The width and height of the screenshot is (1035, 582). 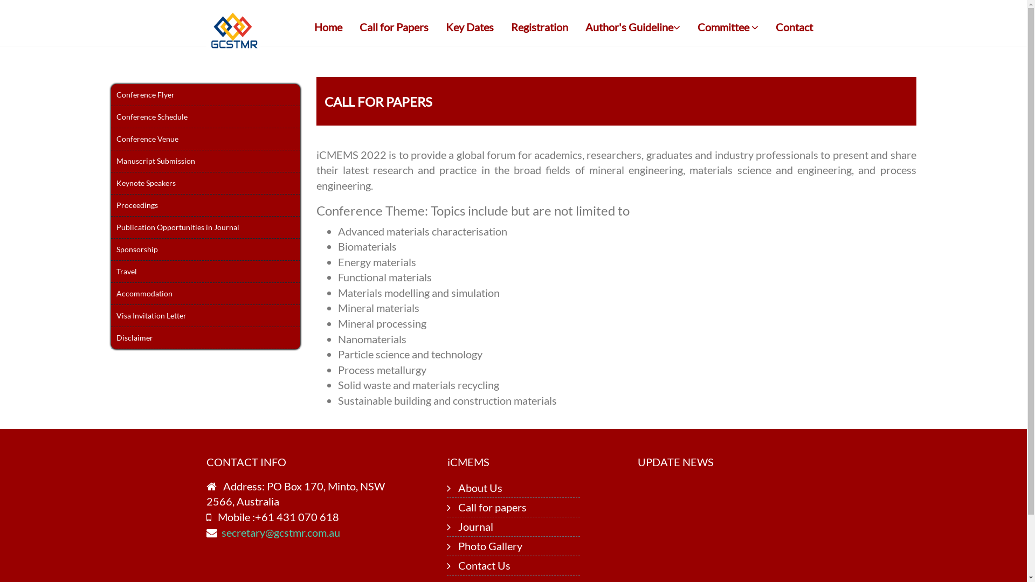 What do you see at coordinates (458, 525) in the screenshot?
I see `'Journal'` at bounding box center [458, 525].